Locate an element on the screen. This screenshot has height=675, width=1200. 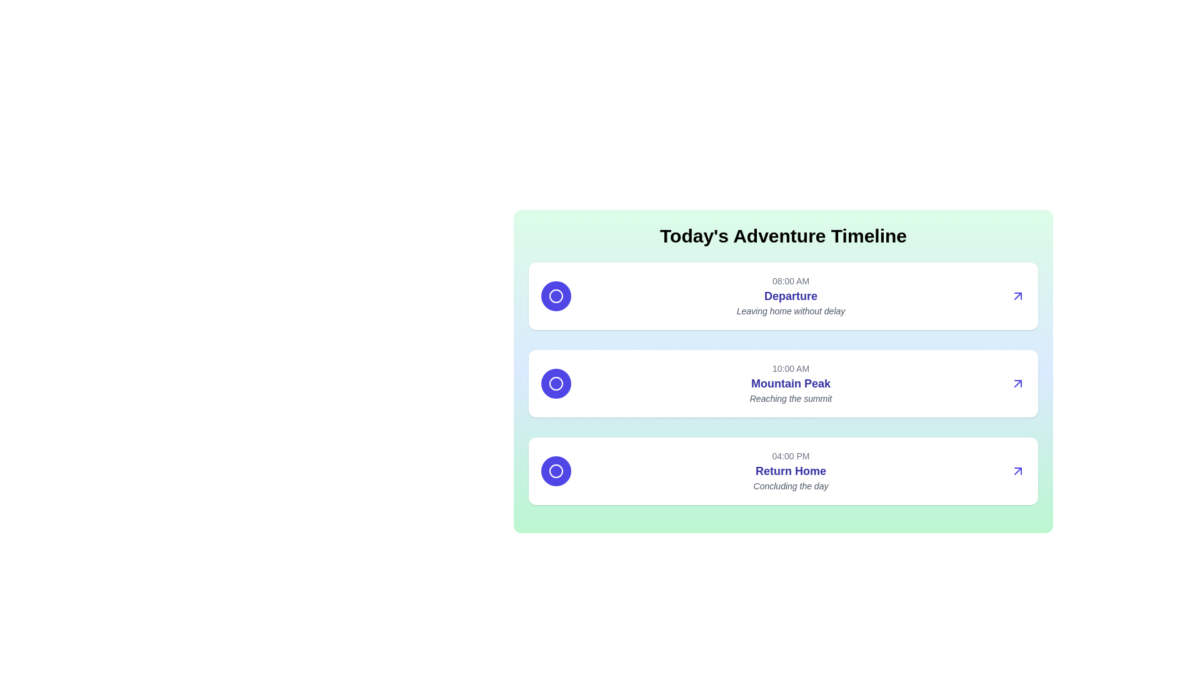
the text label that provides additional information about the 'Mountain Peak' event, positioned below the bold title within the middle card of the timeline is located at coordinates (790, 398).